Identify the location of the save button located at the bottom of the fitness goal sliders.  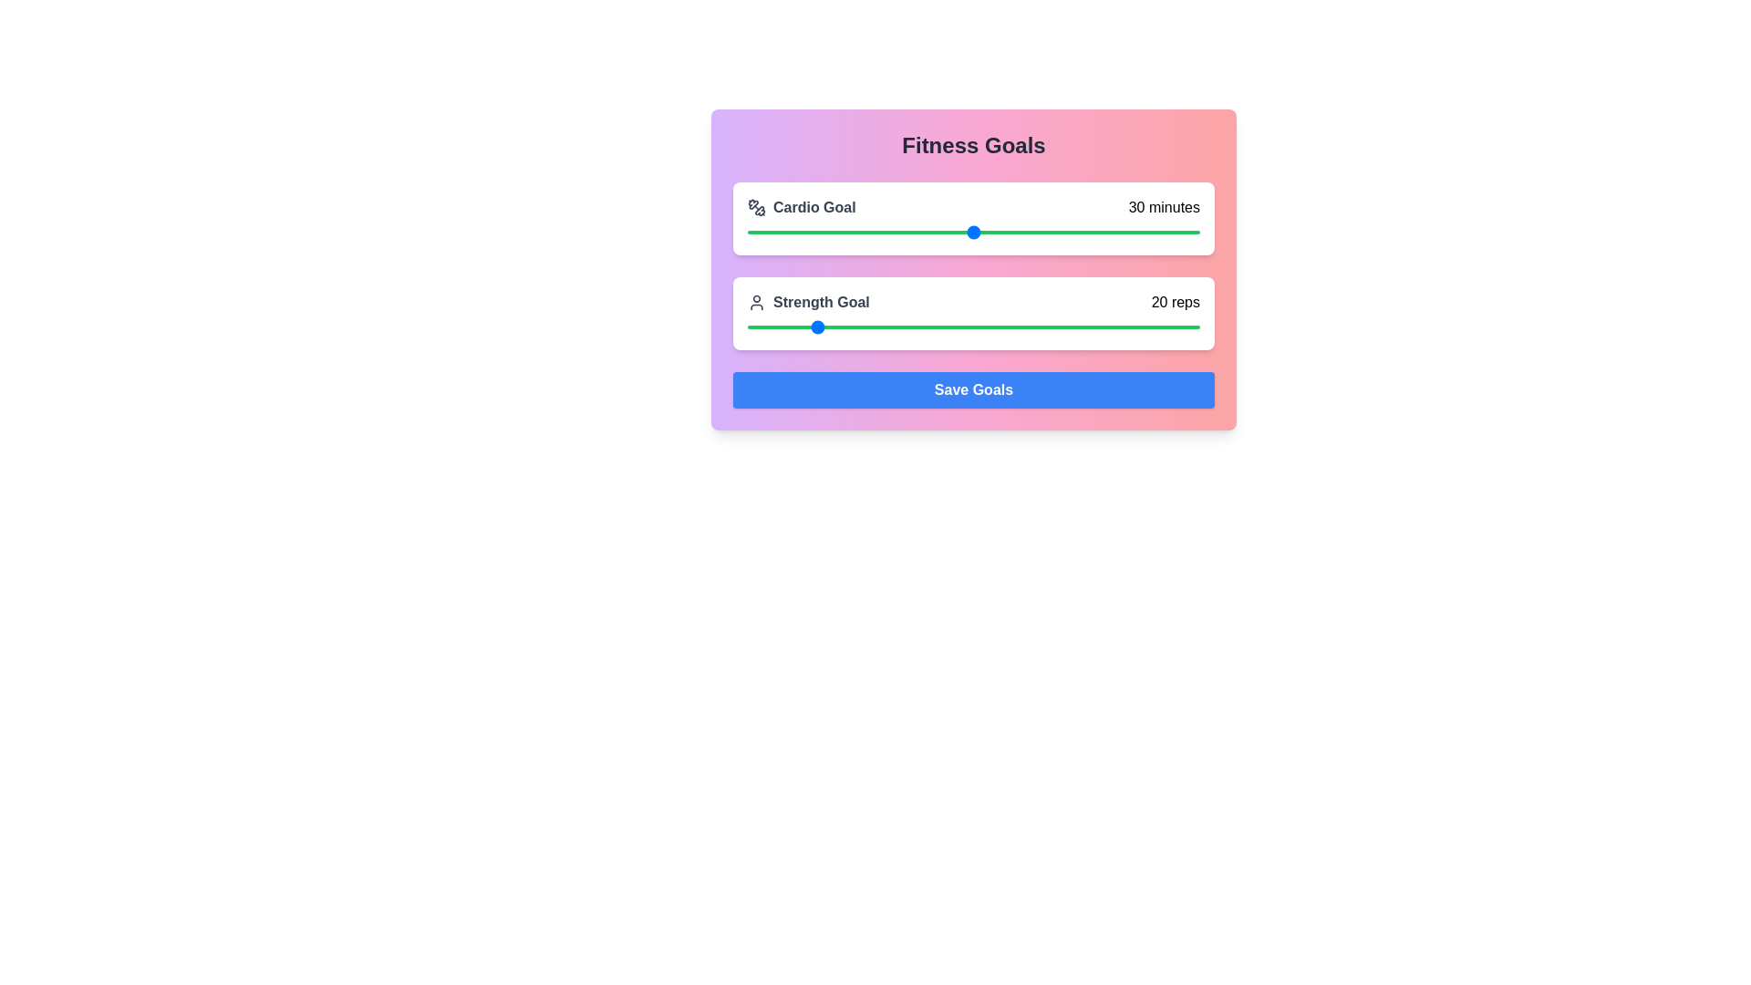
(973, 389).